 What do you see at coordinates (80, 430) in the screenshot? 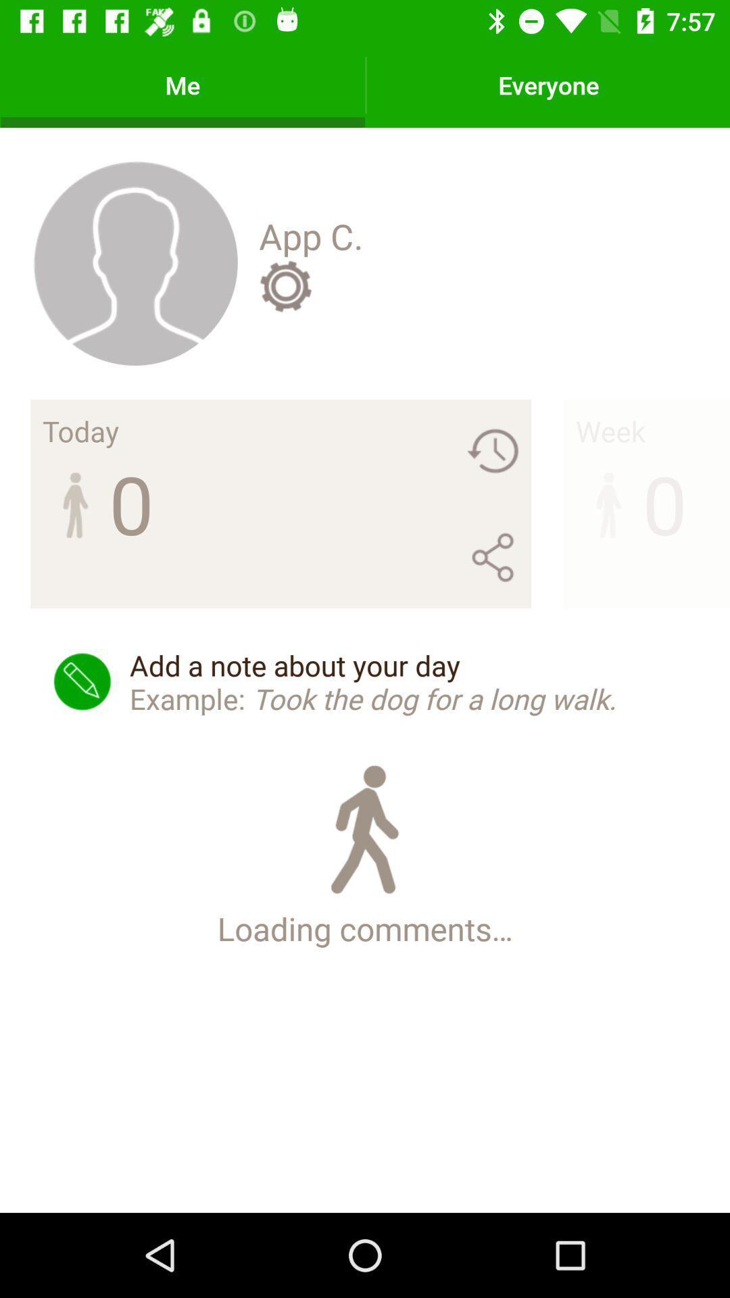
I see `today icon` at bounding box center [80, 430].